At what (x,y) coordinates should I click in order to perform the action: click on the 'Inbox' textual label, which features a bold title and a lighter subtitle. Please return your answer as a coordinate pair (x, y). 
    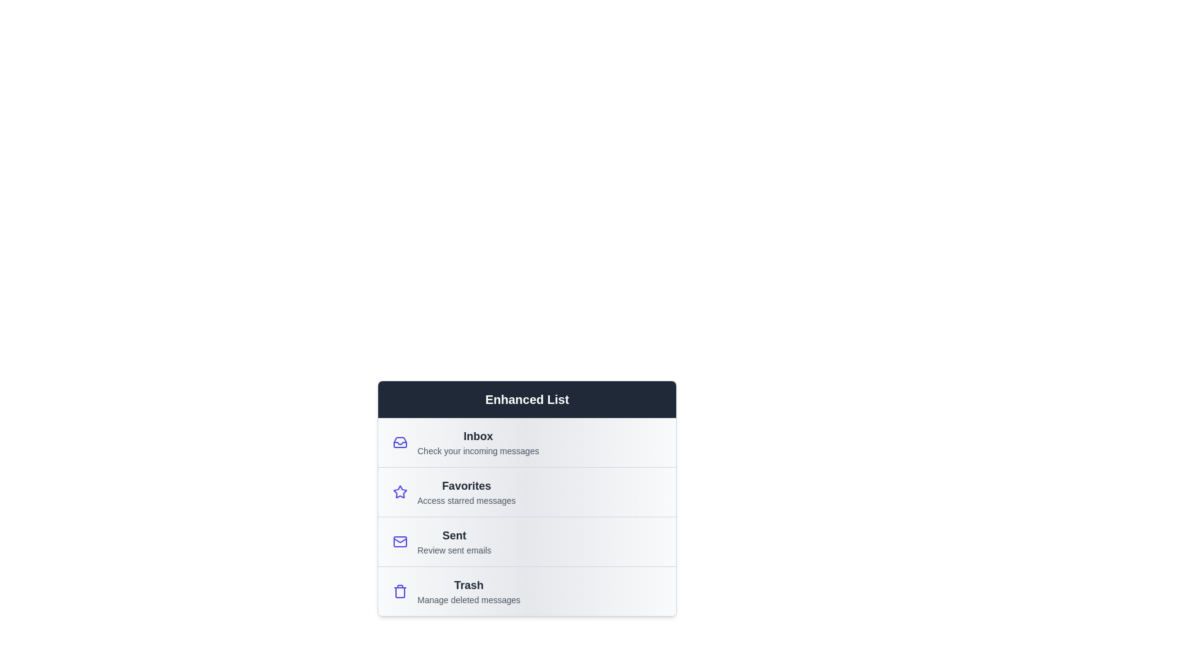
    Looking at the image, I should click on (478, 442).